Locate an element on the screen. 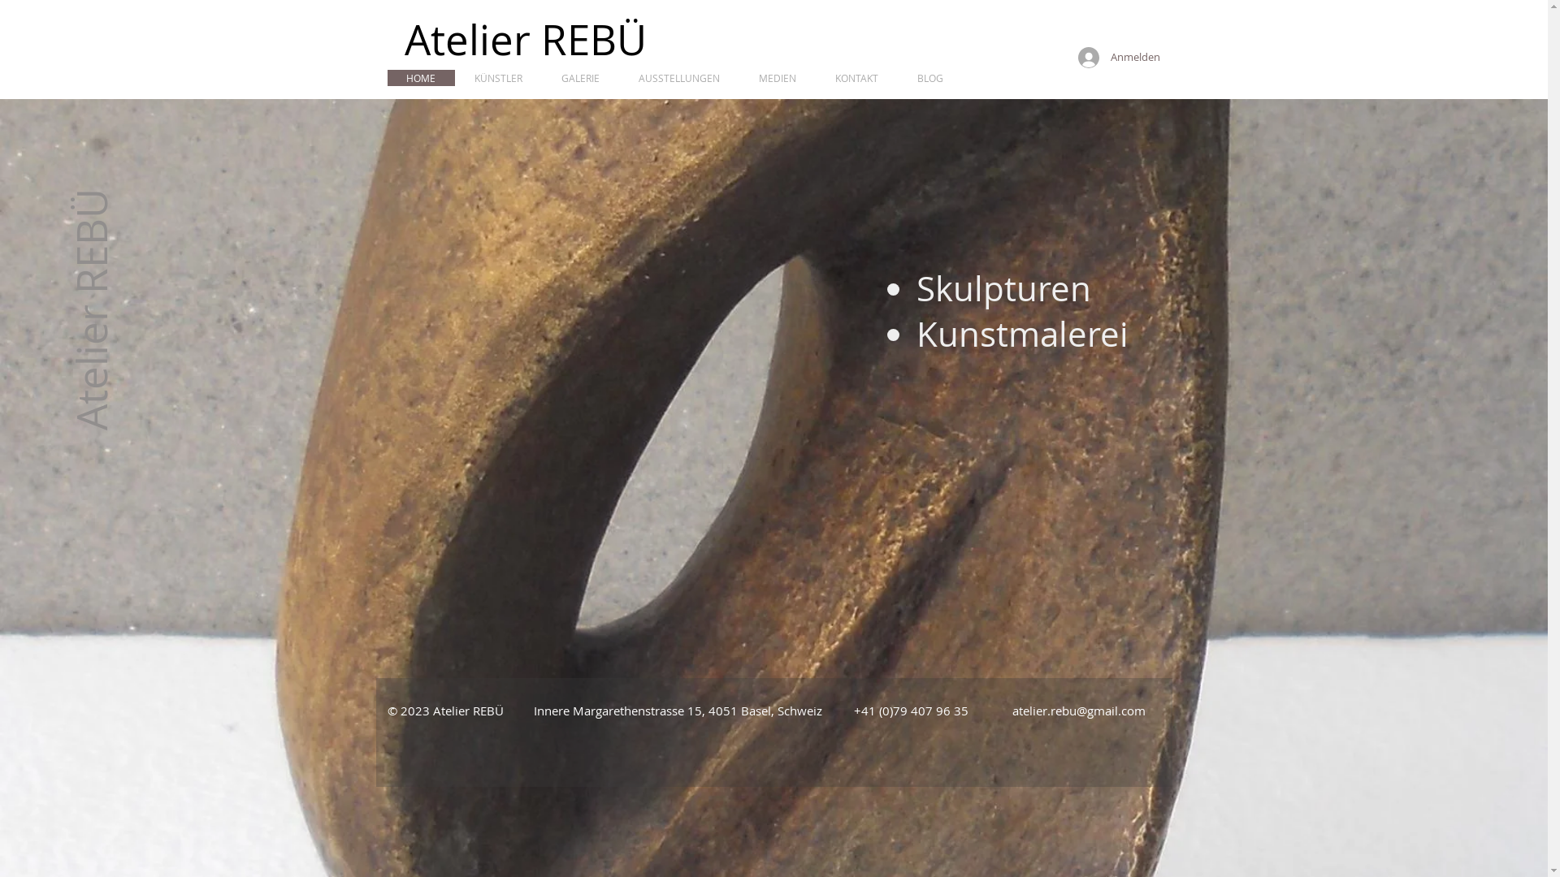 The image size is (1560, 877). 'HOME' is located at coordinates (385, 78).